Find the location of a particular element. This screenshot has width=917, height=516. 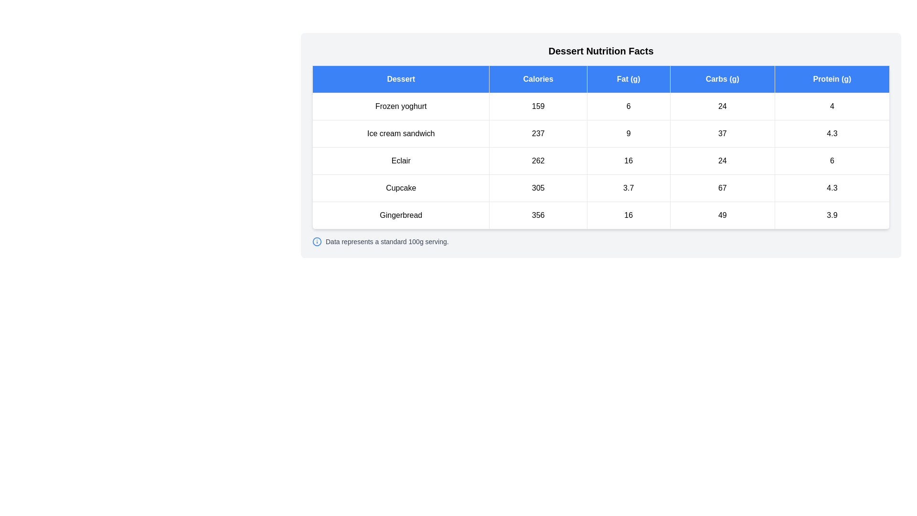

the header Fat (g) to sort the table by that column is located at coordinates (629, 78).